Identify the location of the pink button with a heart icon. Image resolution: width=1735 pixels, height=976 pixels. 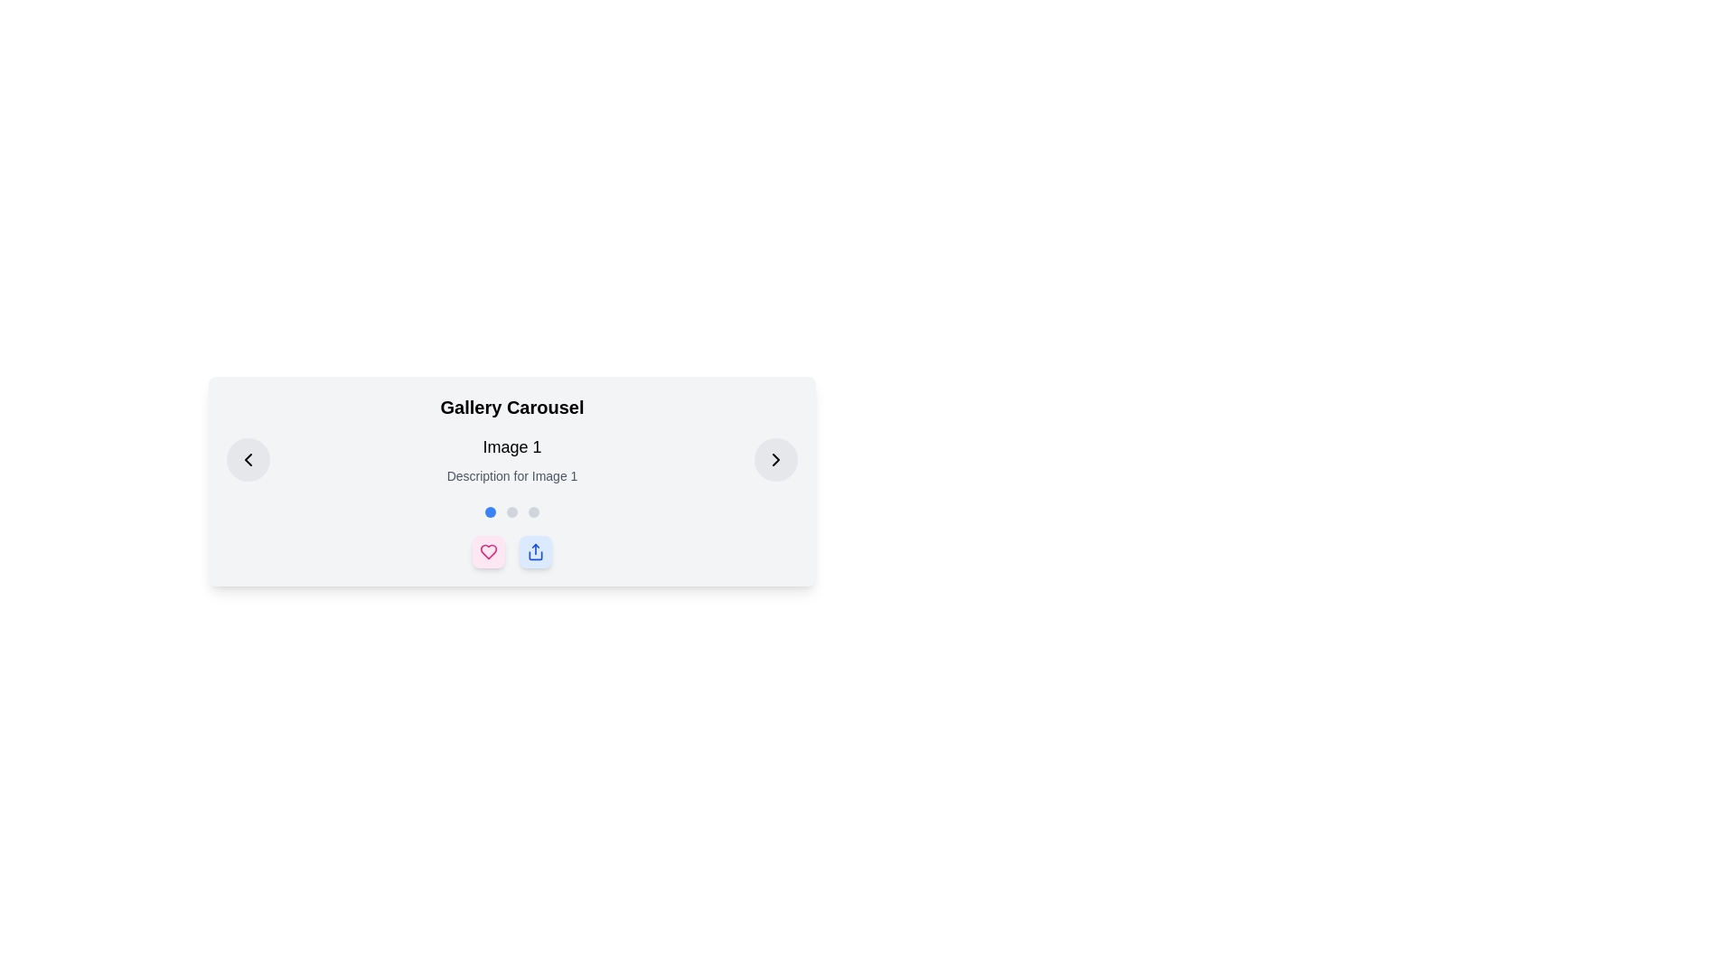
(489, 550).